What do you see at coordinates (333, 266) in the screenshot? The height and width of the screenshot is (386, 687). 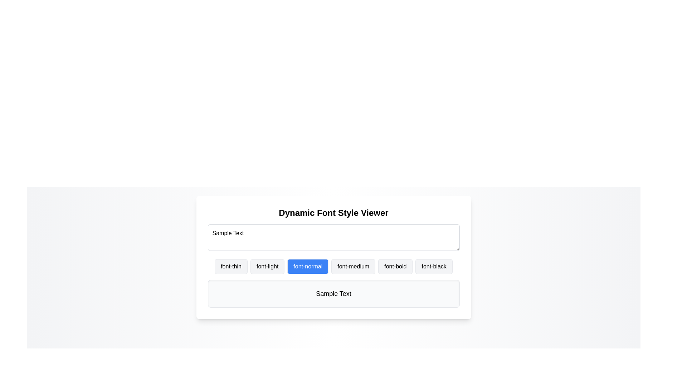 I see `the 'font-normal' button in the horizontal button group` at bounding box center [333, 266].